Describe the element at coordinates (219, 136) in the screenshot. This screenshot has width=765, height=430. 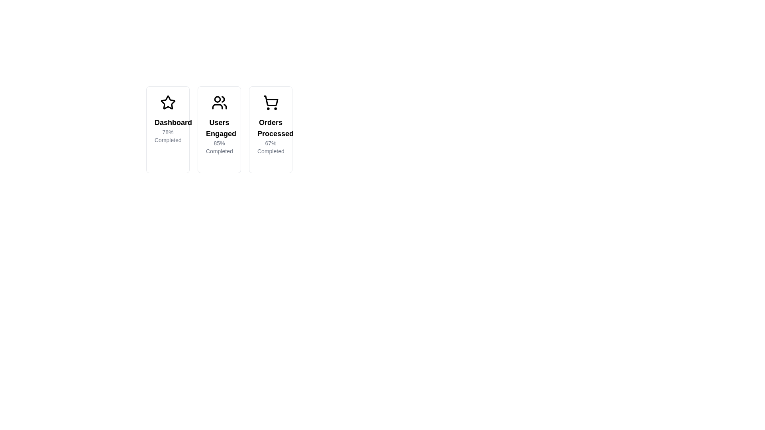
I see `the informative text block located in the second card of a horizontal row, positioned beneath the user icon and above the progress bar` at that location.